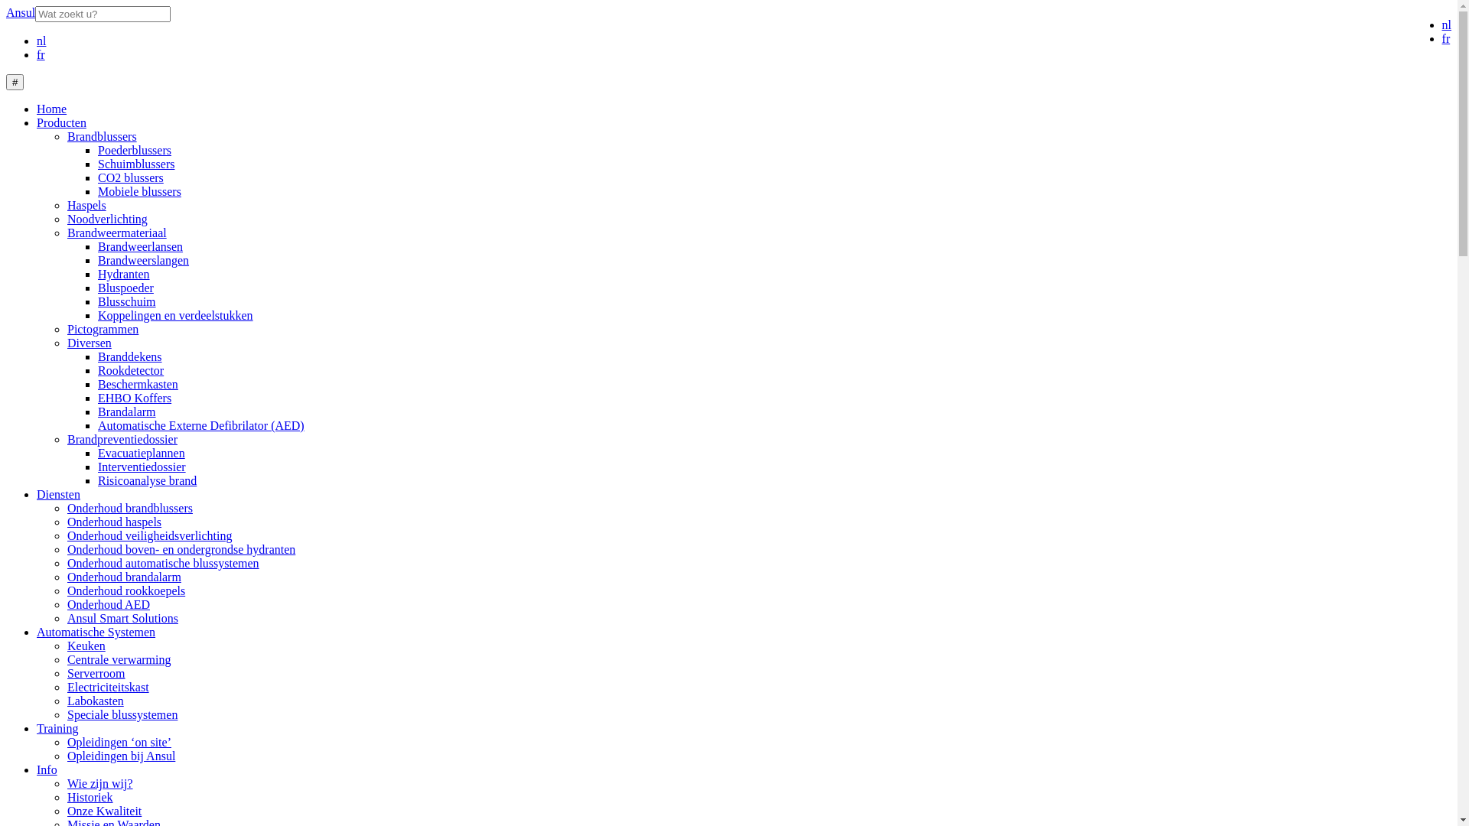  What do you see at coordinates (113, 521) in the screenshot?
I see `'Onderhoud haspels'` at bounding box center [113, 521].